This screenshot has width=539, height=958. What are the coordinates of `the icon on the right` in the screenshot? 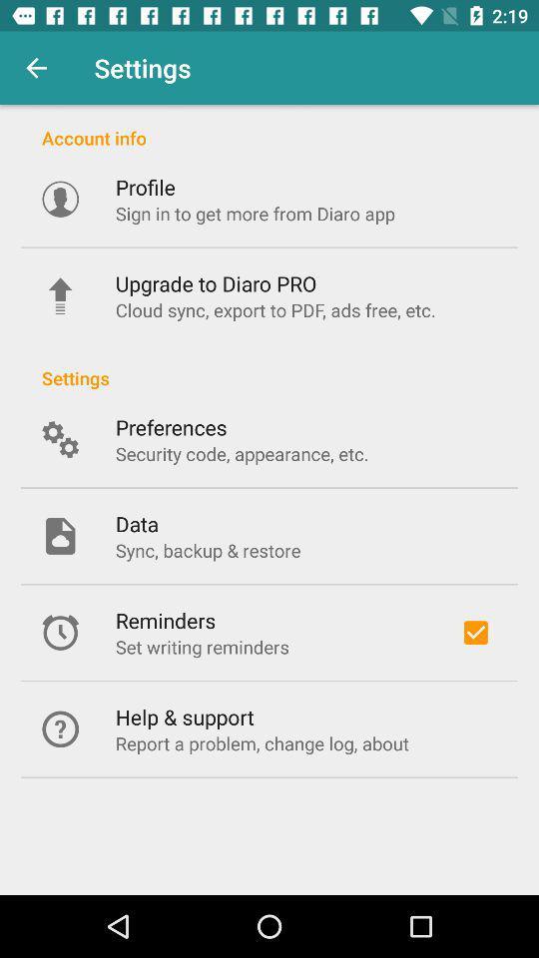 It's located at (474, 632).